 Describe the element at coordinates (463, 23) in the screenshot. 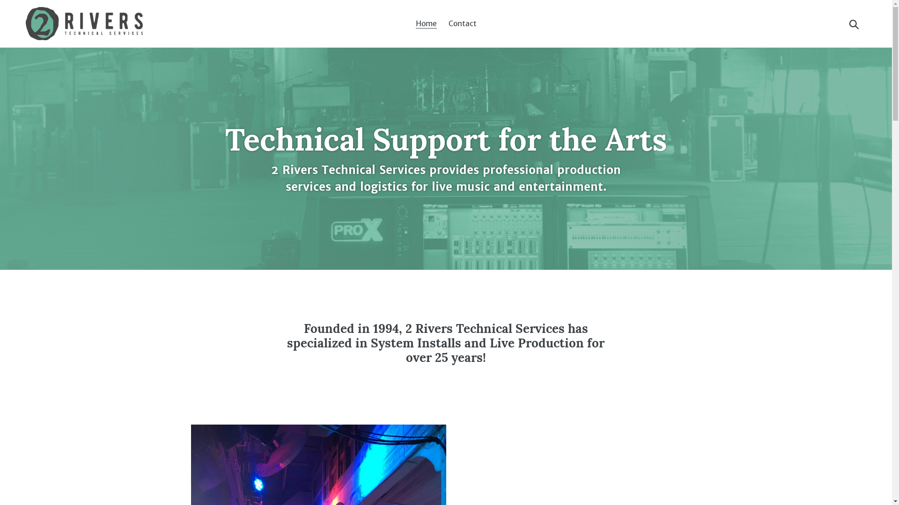

I see `'Contact'` at that location.